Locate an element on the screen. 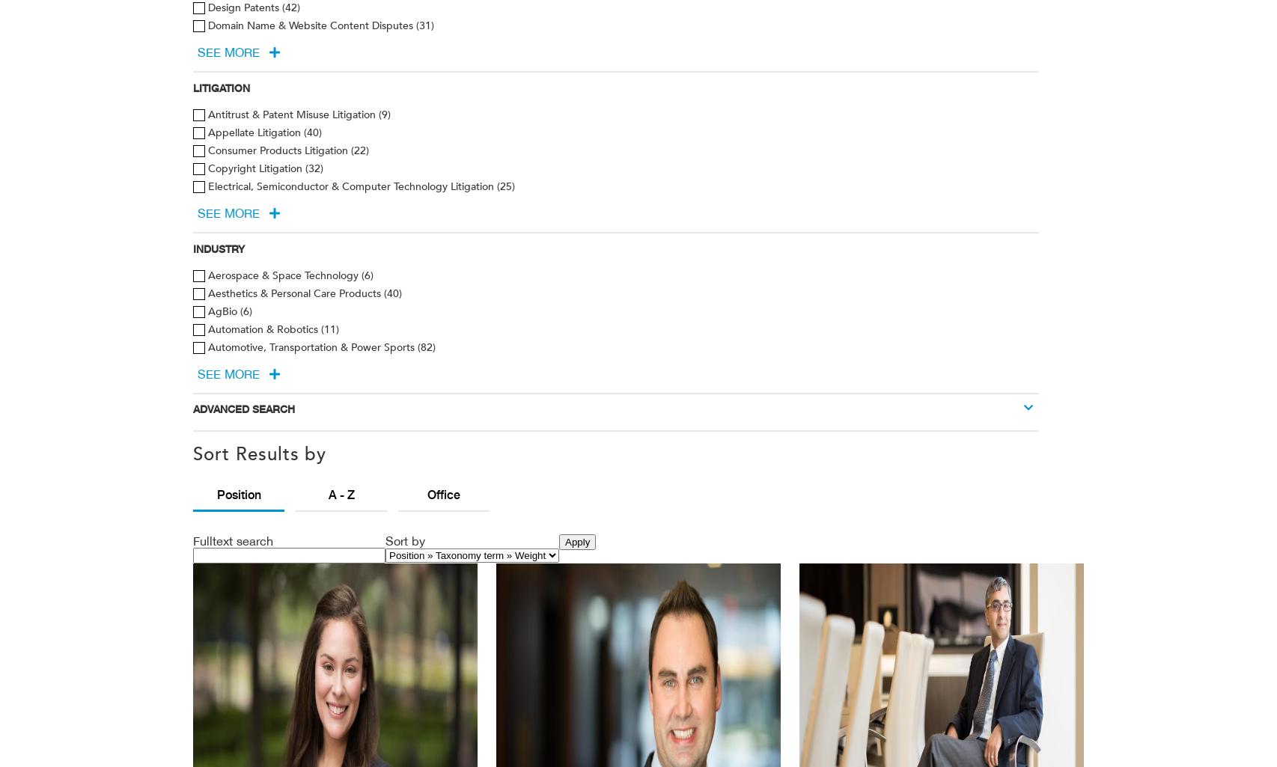  'Design Patents' is located at coordinates (208, 7).